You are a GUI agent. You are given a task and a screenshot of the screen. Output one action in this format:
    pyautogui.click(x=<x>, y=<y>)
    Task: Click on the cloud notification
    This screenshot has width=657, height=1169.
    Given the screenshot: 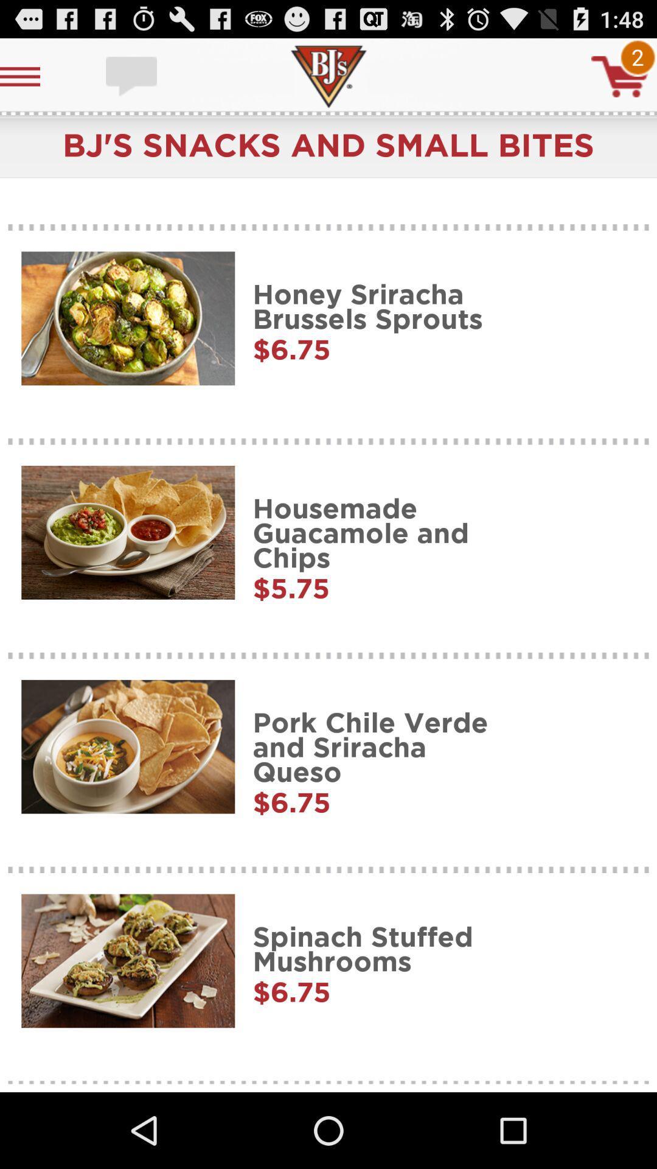 What is the action you would take?
    pyautogui.click(x=133, y=75)
    